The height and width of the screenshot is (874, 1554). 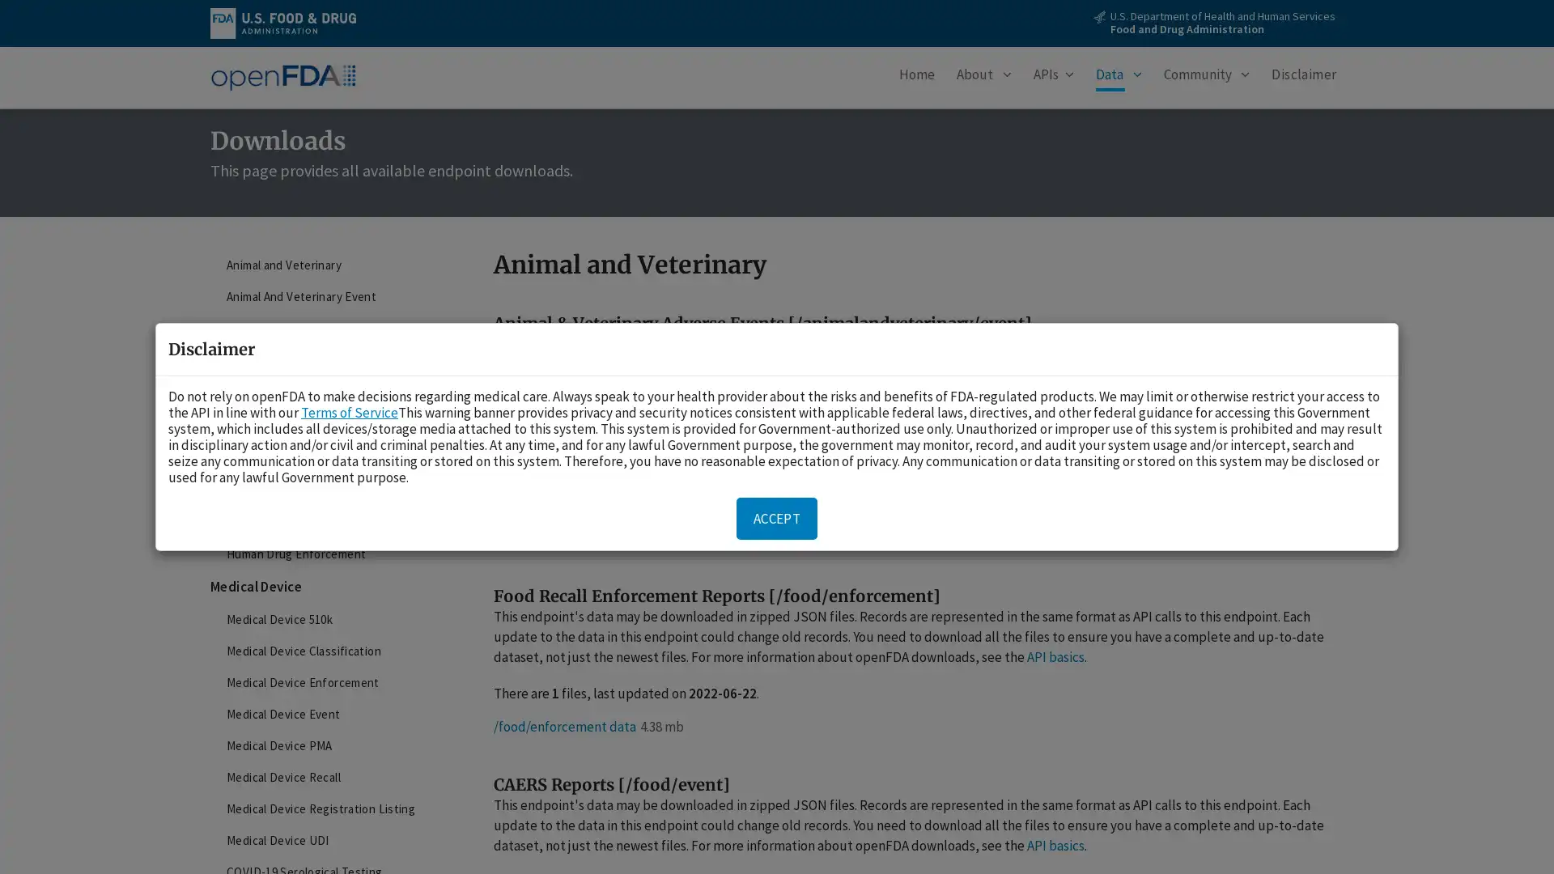 What do you see at coordinates (330, 459) in the screenshot?
I see `Human Drug Event` at bounding box center [330, 459].